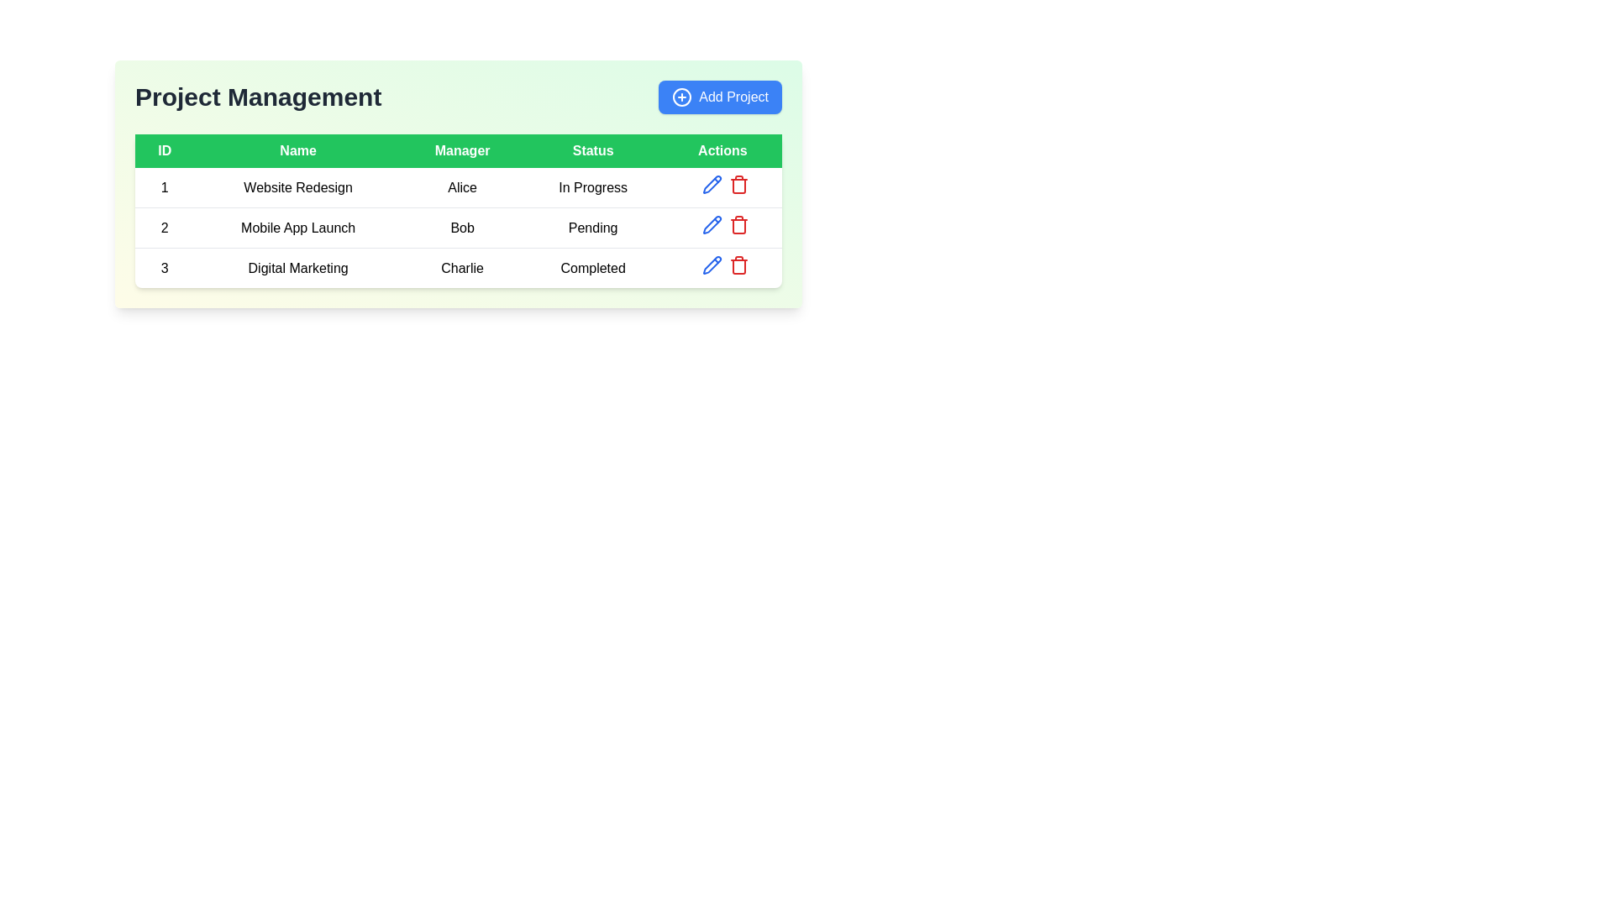 Image resolution: width=1613 pixels, height=907 pixels. Describe the element at coordinates (459, 228) in the screenshot. I see `the text field displaying 'Bob' located in the second row under the 'Manager' column of the project information table` at that location.